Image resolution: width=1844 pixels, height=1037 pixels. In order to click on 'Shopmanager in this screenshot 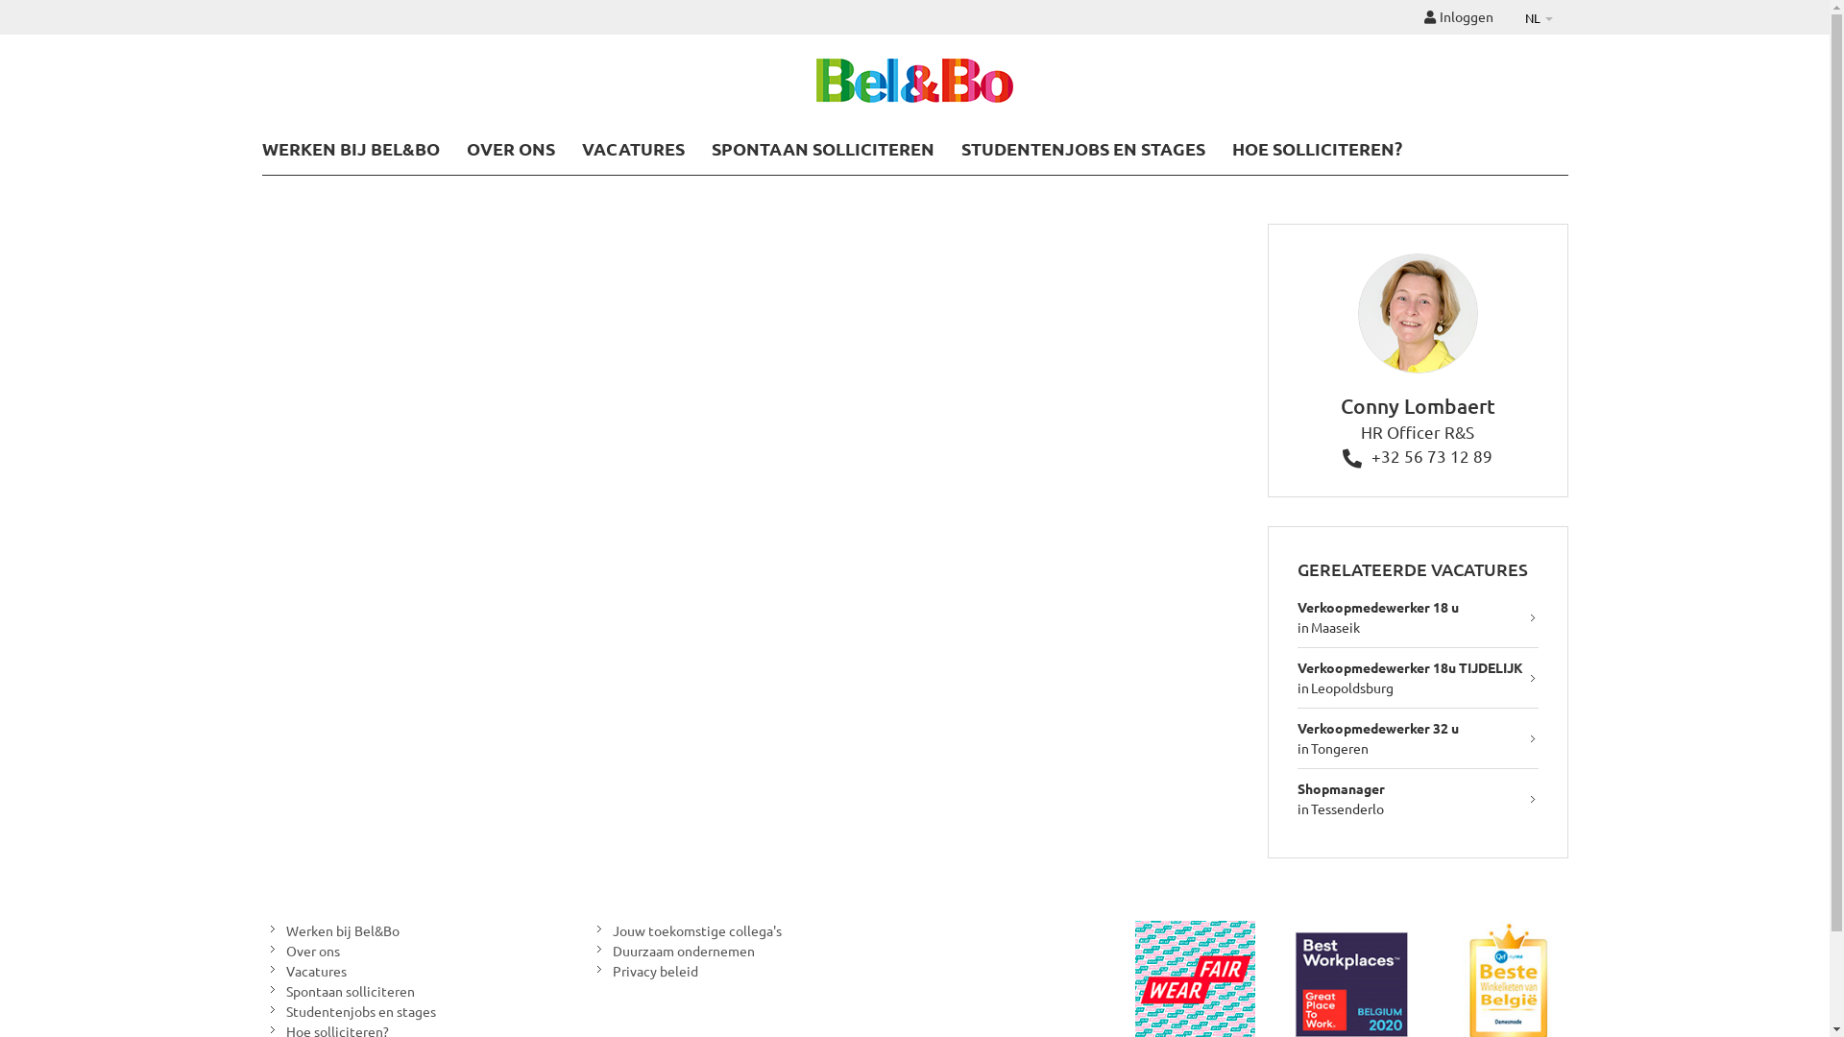, I will do `click(1418, 799)`.